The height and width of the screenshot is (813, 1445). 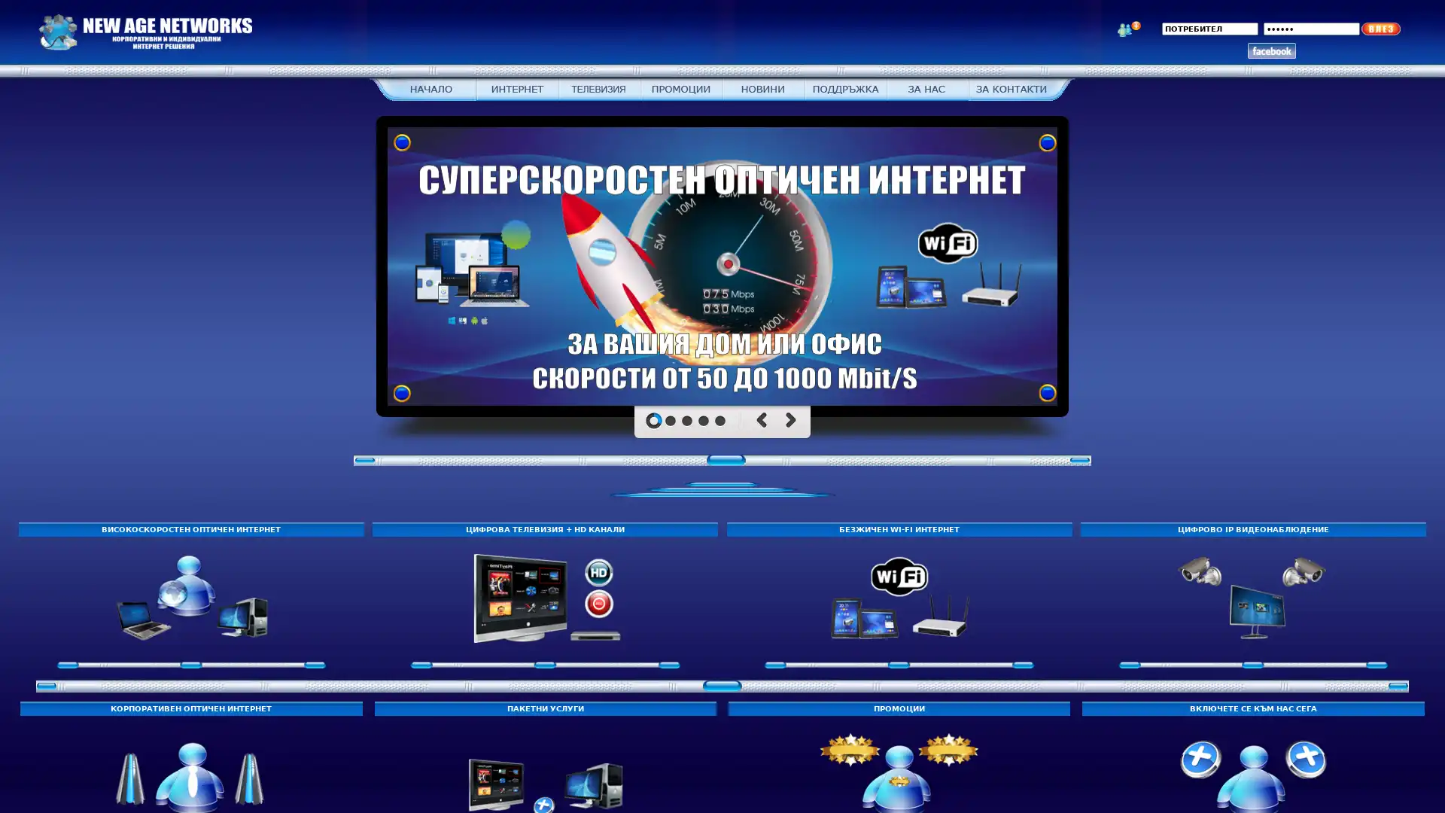 I want to click on |         New Age Networks |               -  ,        |, so click(x=1380, y=28).